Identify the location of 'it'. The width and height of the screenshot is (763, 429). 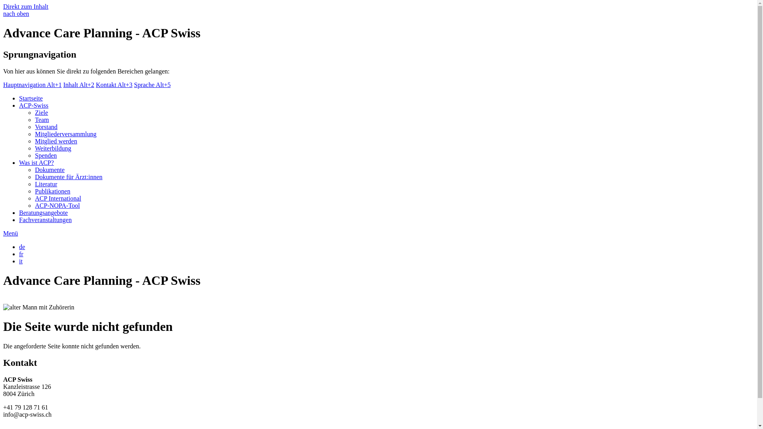
(21, 261).